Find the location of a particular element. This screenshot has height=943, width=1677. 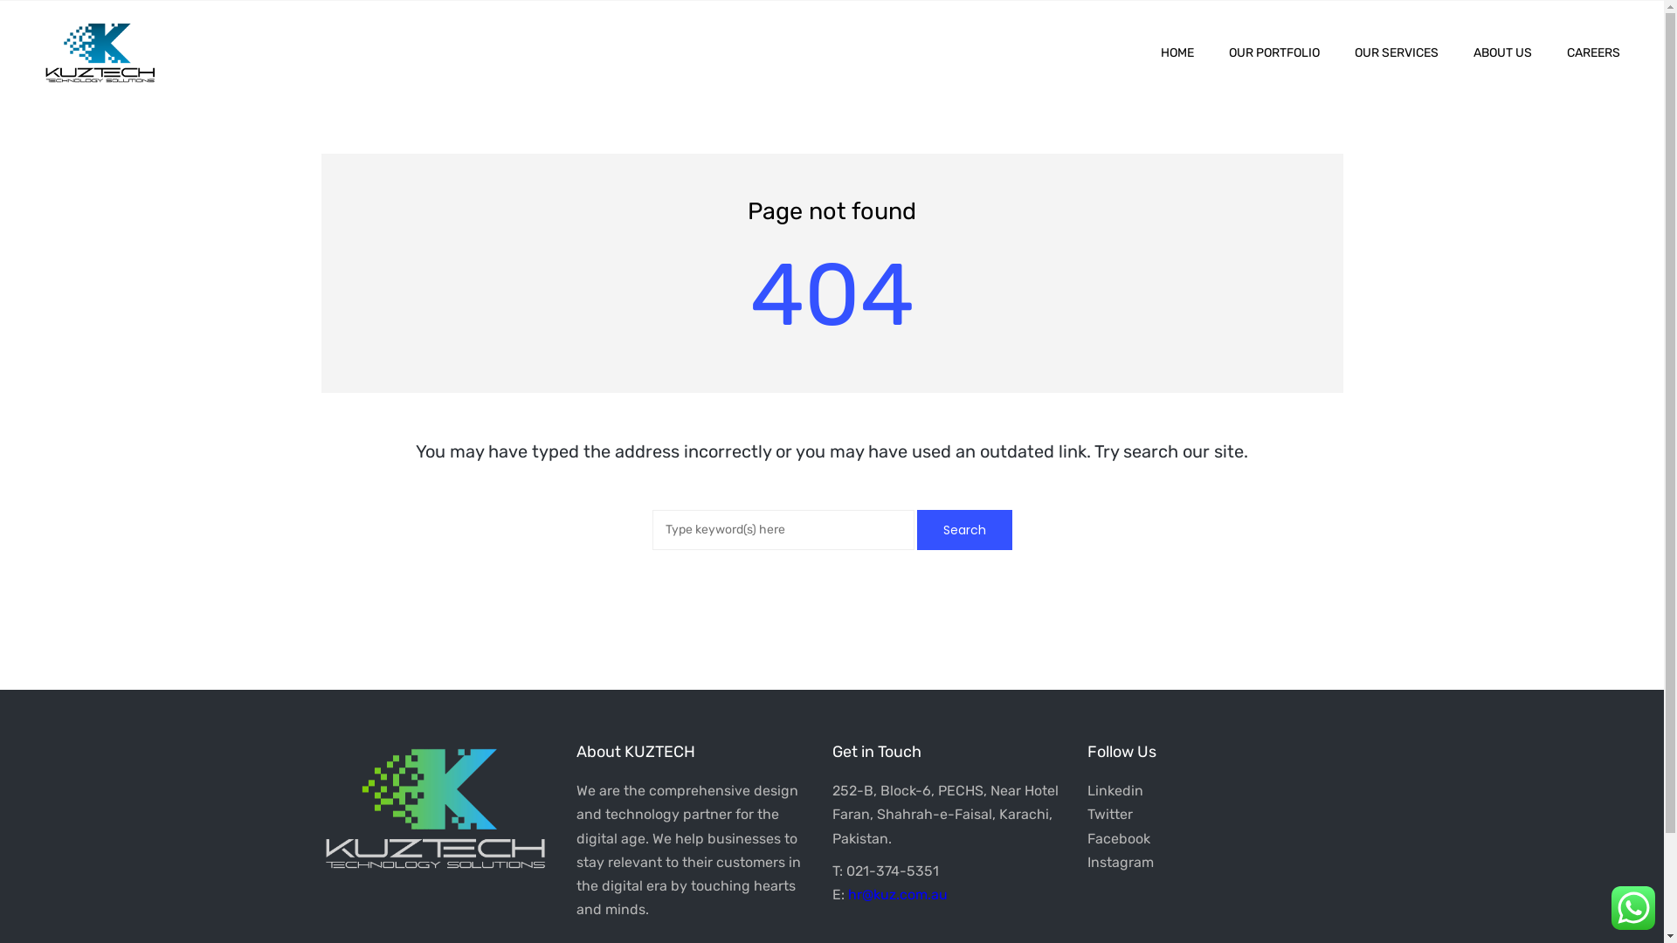

'Search' is located at coordinates (963, 528).